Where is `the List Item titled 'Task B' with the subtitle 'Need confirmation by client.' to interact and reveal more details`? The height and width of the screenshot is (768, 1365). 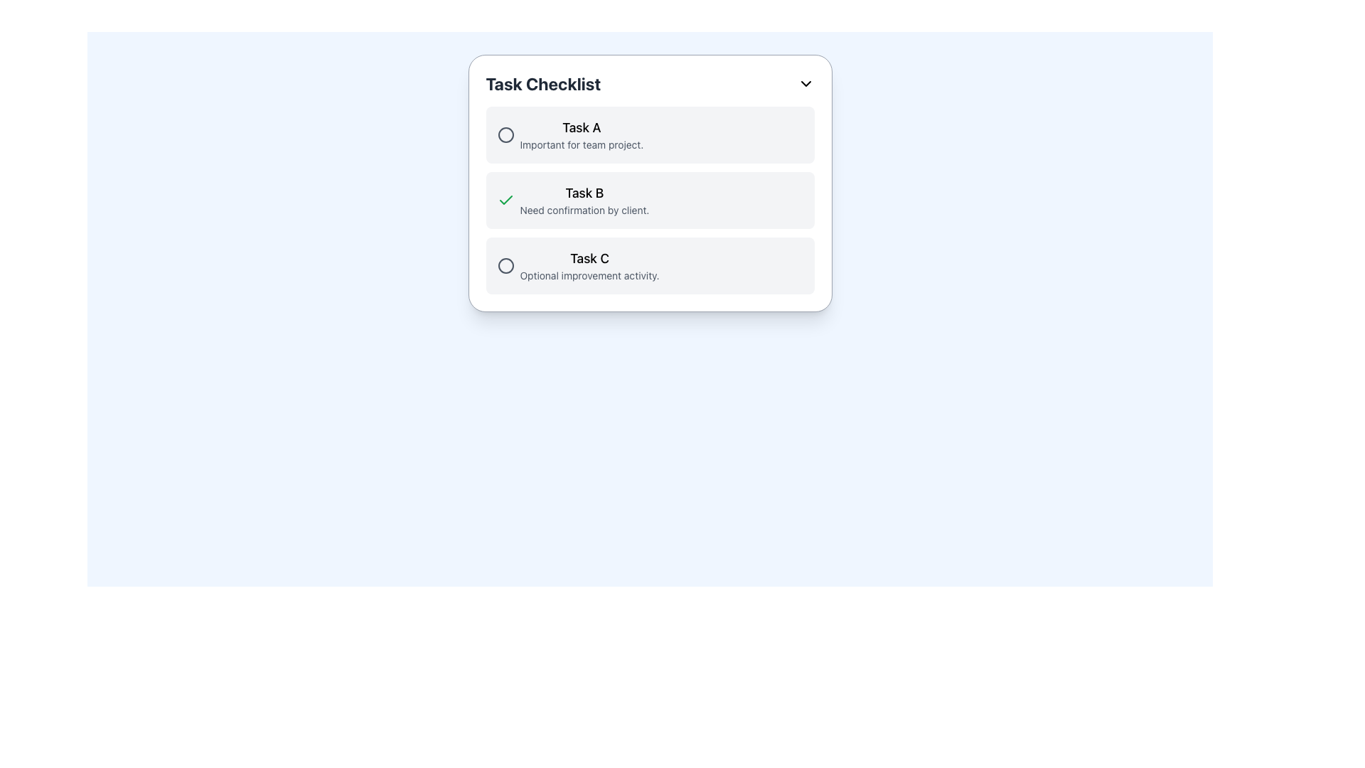 the List Item titled 'Task B' with the subtitle 'Need confirmation by client.' to interact and reveal more details is located at coordinates (573, 200).